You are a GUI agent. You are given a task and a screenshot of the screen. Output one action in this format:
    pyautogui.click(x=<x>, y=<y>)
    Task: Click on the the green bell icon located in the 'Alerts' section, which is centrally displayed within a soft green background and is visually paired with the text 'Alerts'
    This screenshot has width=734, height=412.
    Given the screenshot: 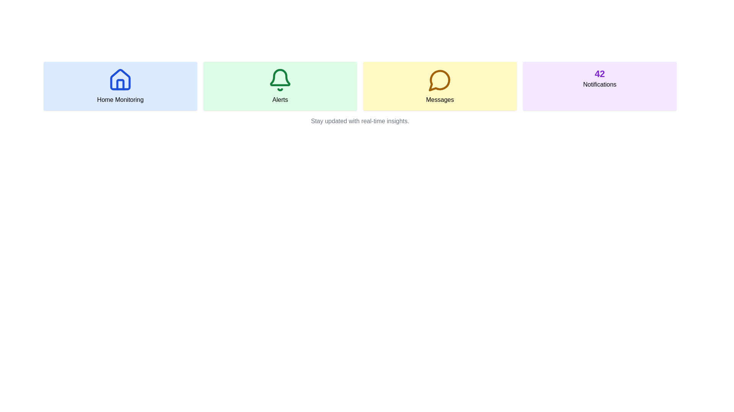 What is the action you would take?
    pyautogui.click(x=280, y=80)
    